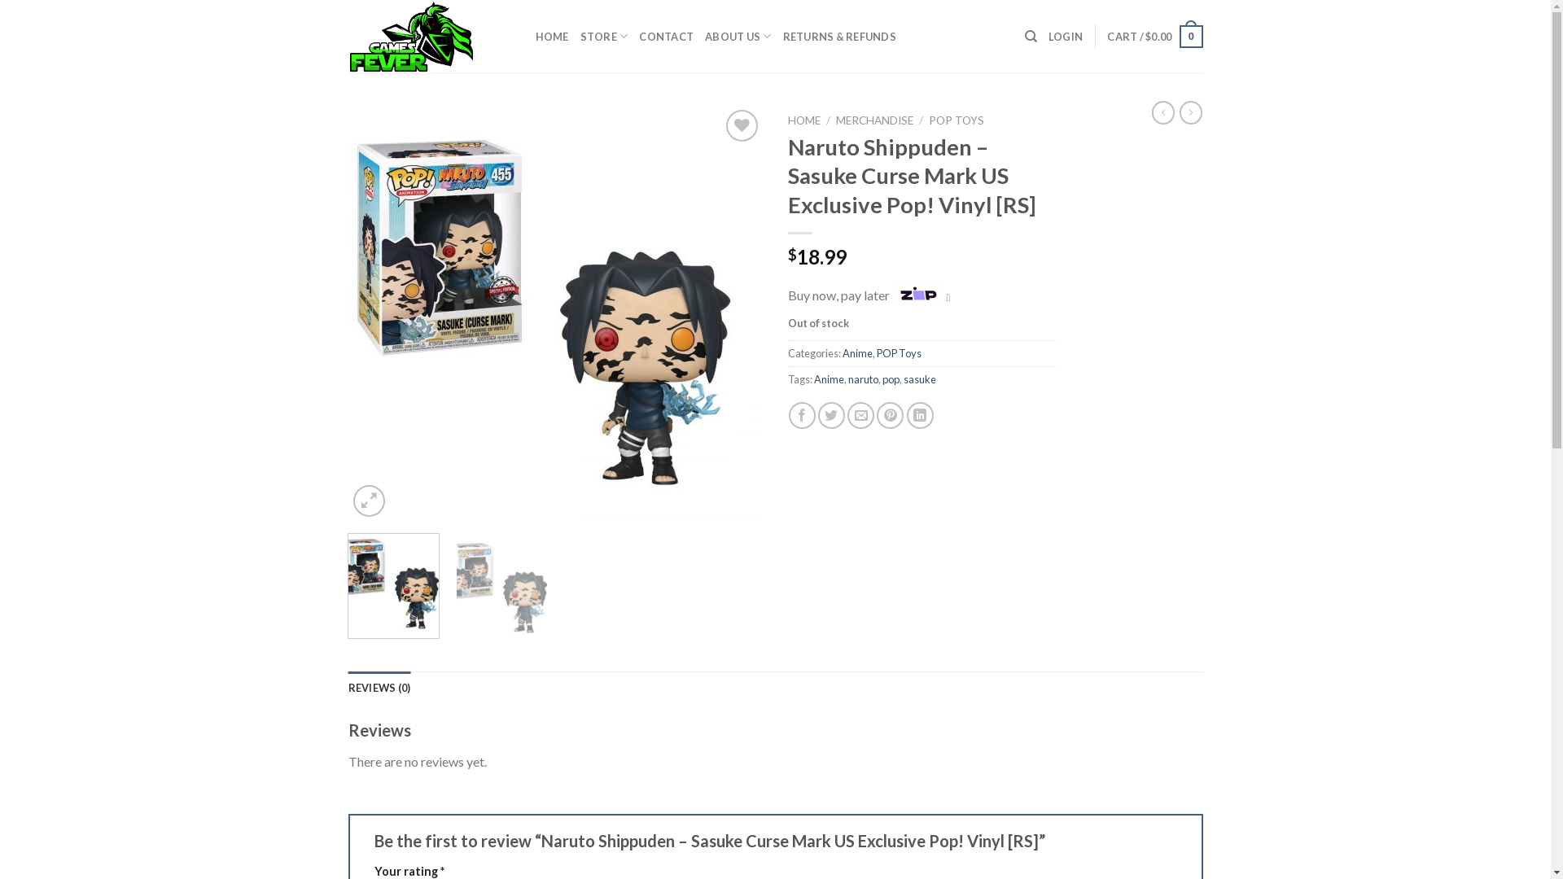 This screenshot has width=1563, height=879. Describe the element at coordinates (603, 37) in the screenshot. I see `'STORE'` at that location.